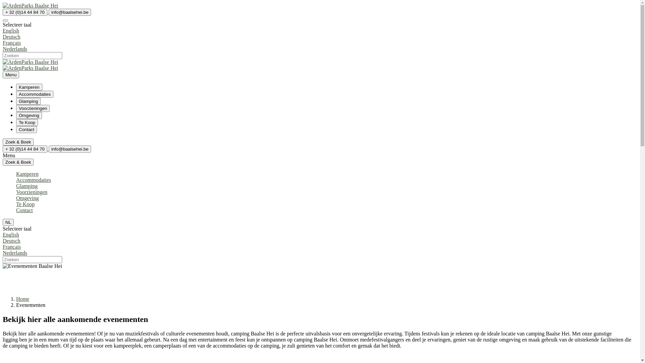 The image size is (645, 363). I want to click on 'info@baalsehei.be', so click(70, 12).